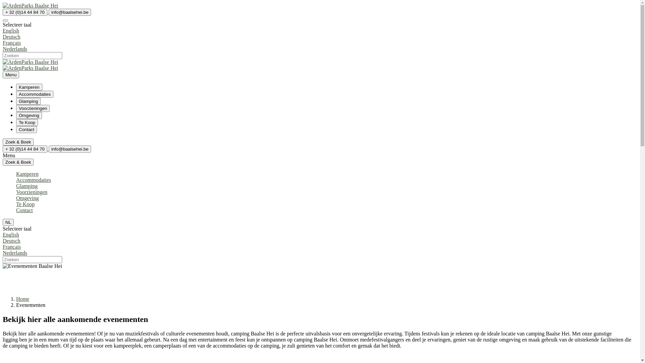 The image size is (645, 363). I want to click on 'info@baalsehei.be', so click(70, 12).